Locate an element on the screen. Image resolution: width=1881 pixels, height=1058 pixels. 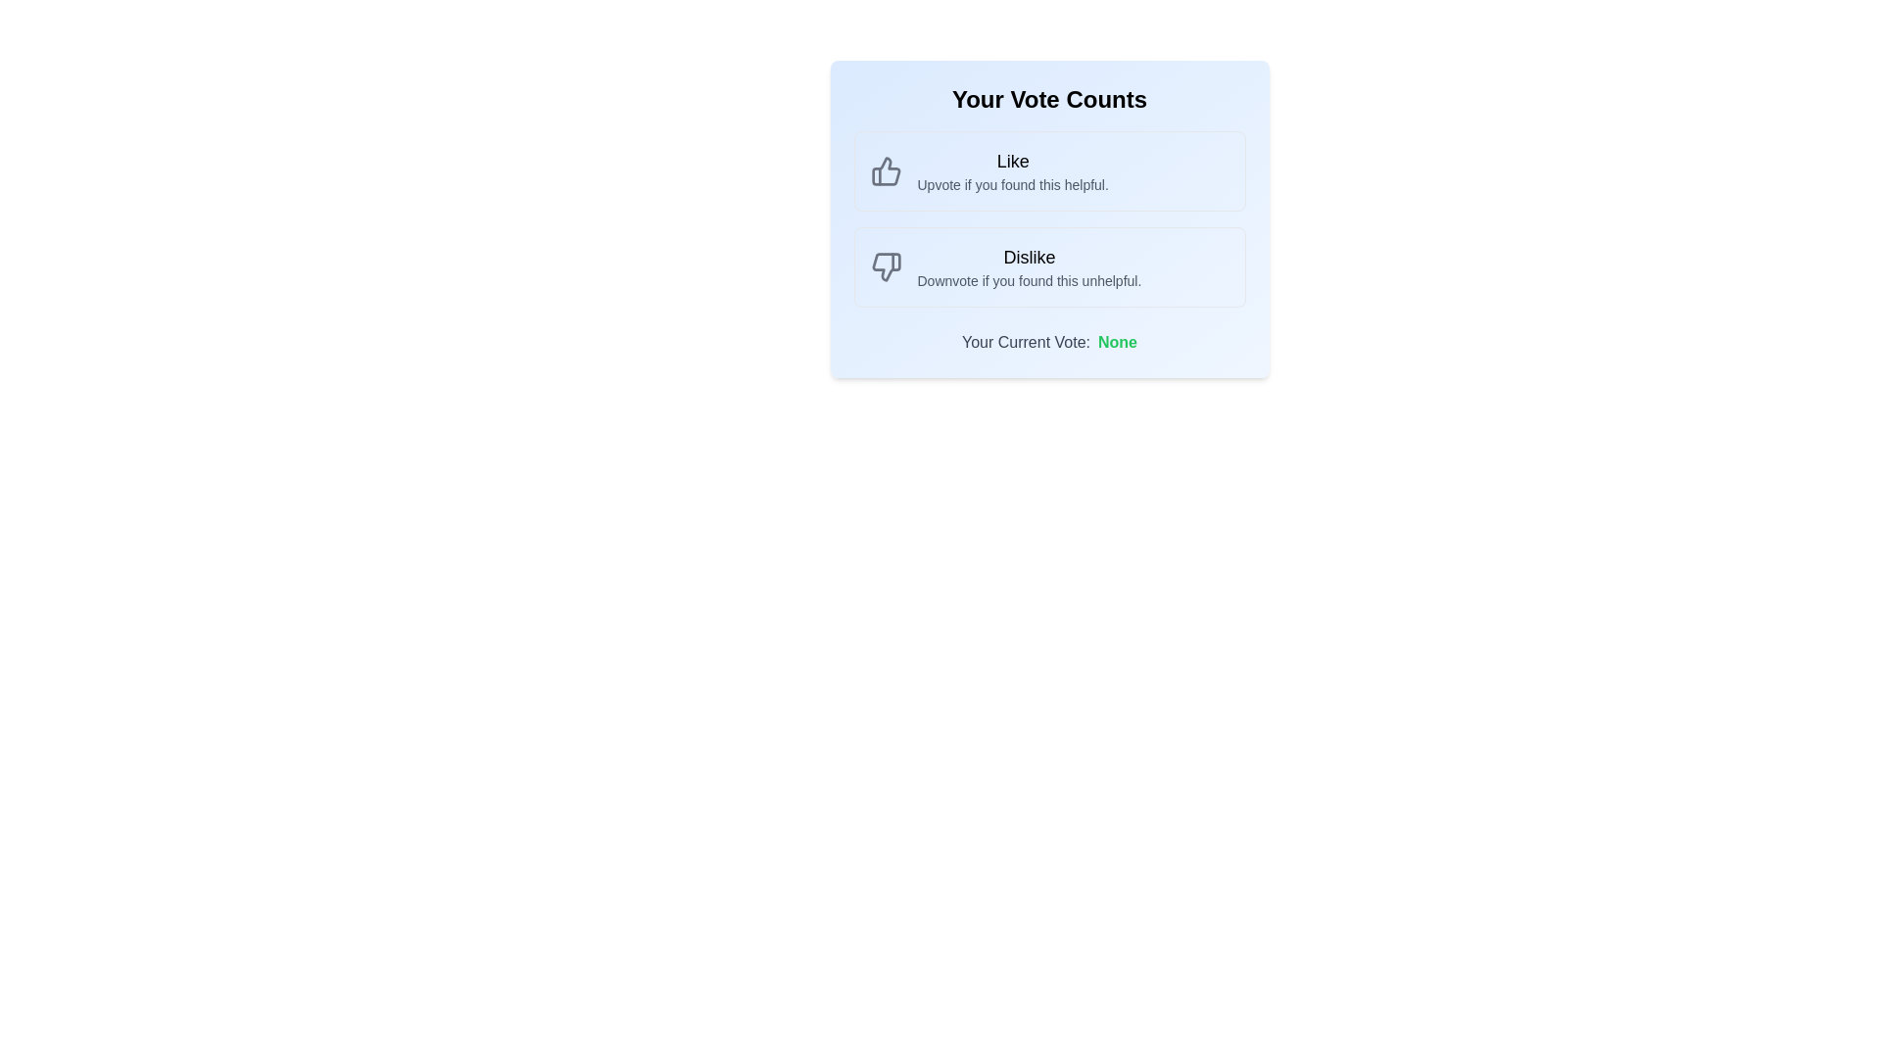
the text label that serves as a title for the voting functionality, located at the top of the box and horizontally centered is located at coordinates (1048, 99).